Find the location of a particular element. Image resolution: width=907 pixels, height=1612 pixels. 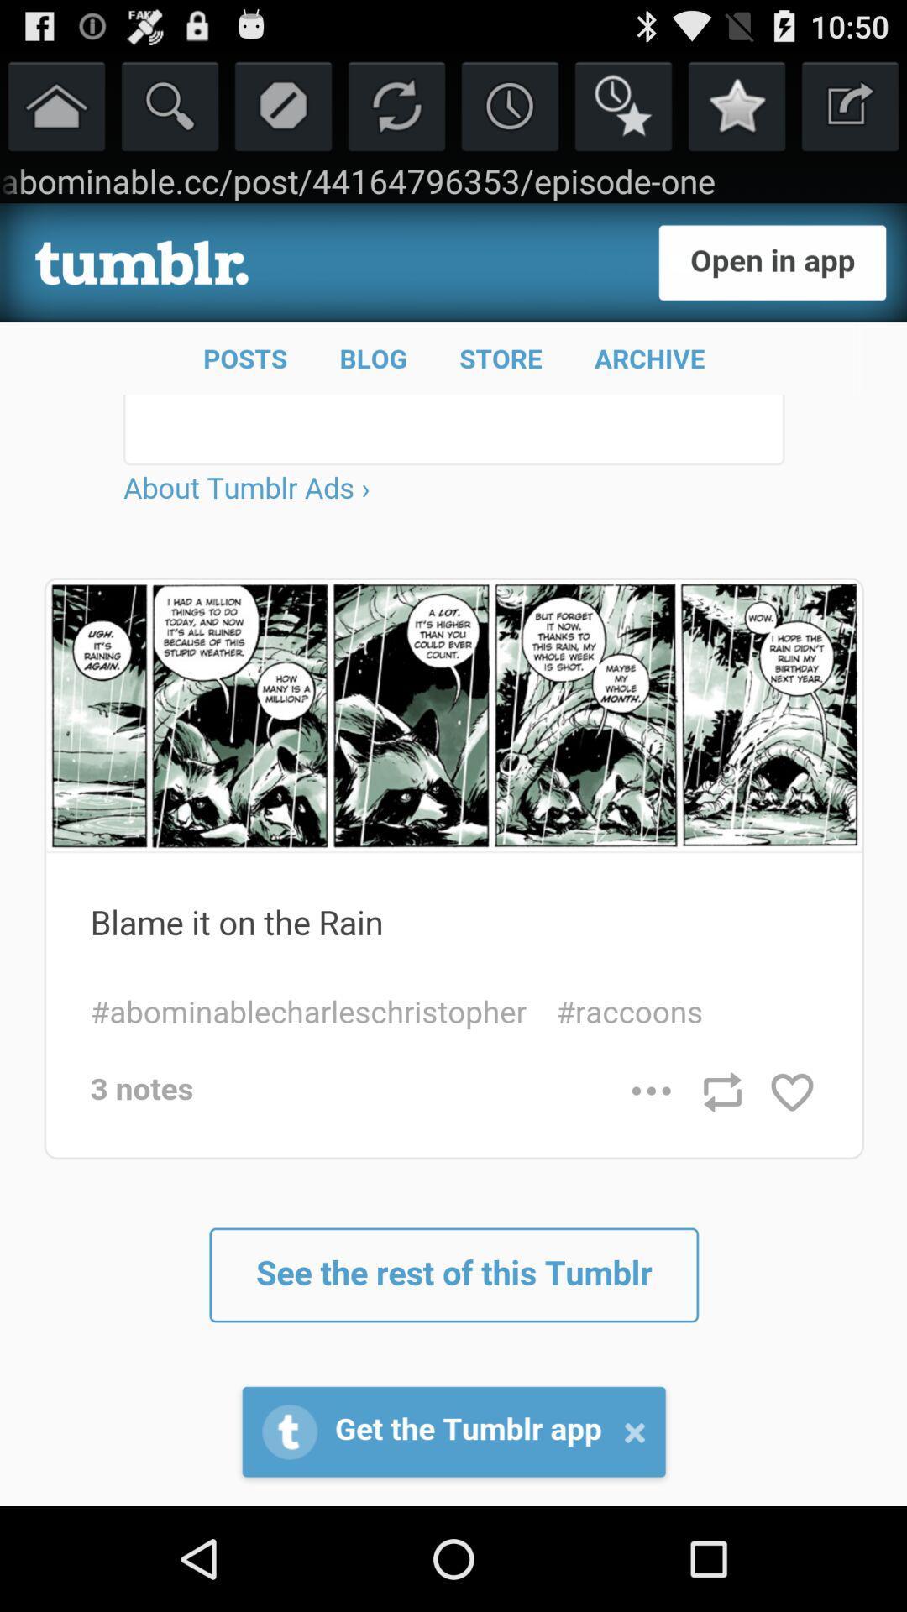

back is located at coordinates (850, 104).